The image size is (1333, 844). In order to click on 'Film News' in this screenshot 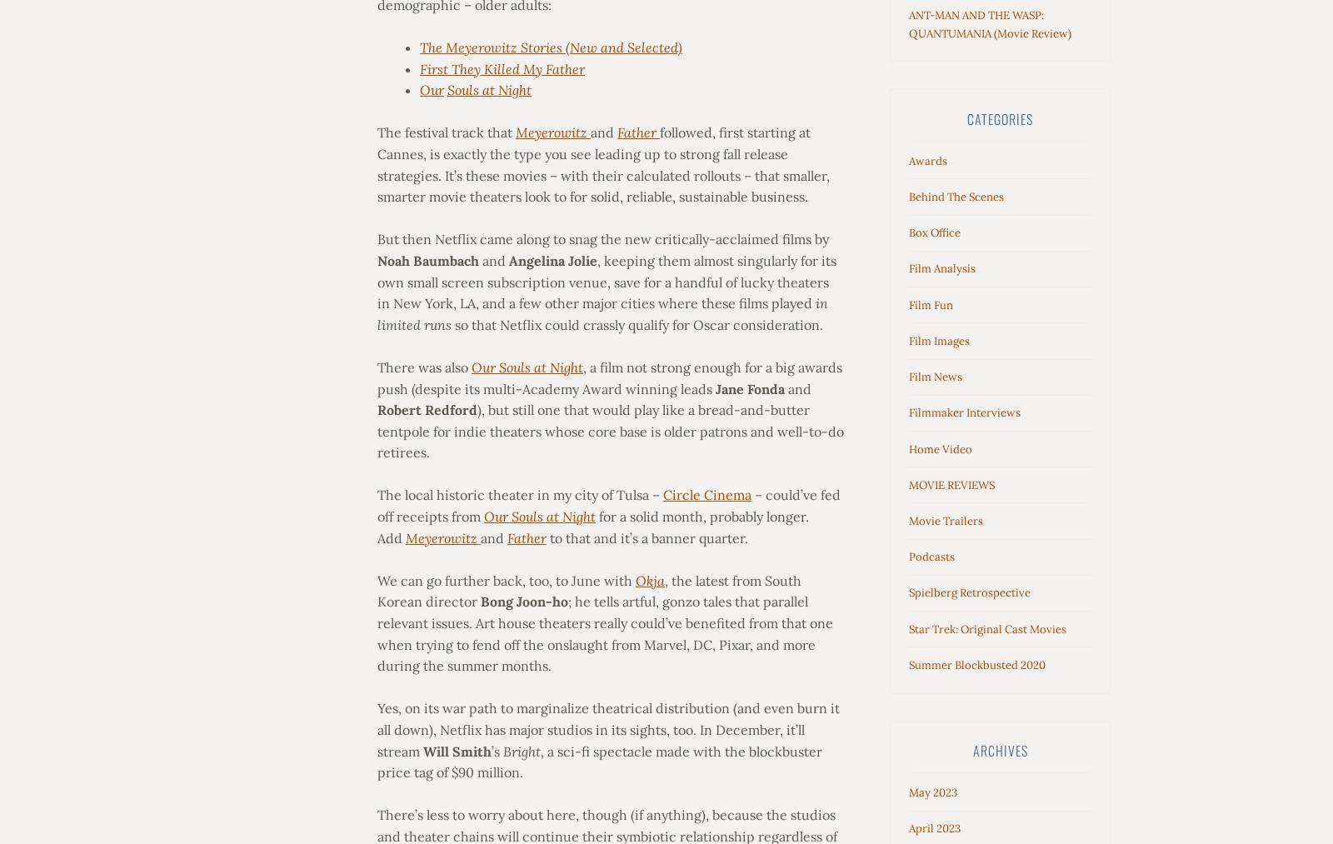, I will do `click(936, 376)`.